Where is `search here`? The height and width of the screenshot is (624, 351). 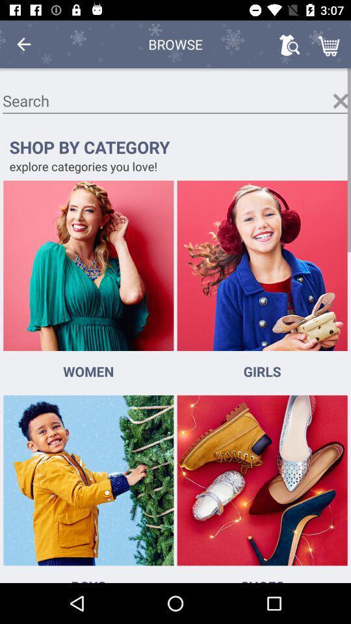 search here is located at coordinates (175, 100).